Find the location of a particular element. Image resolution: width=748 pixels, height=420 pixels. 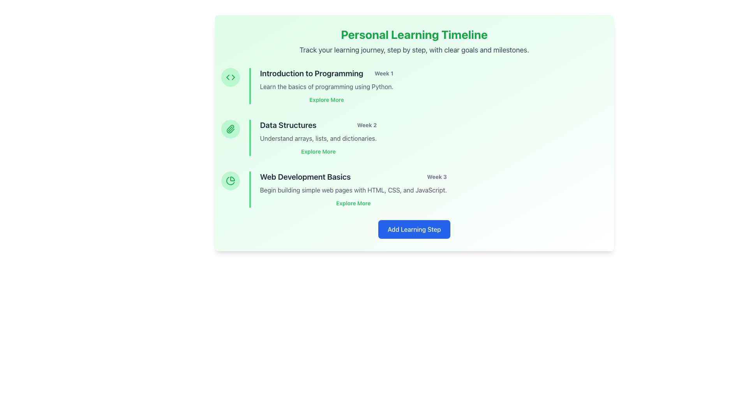

the green circular icon with a pie chart representation, located next to the 'Web Development Basics' section, as a visual cue is located at coordinates (230, 181).